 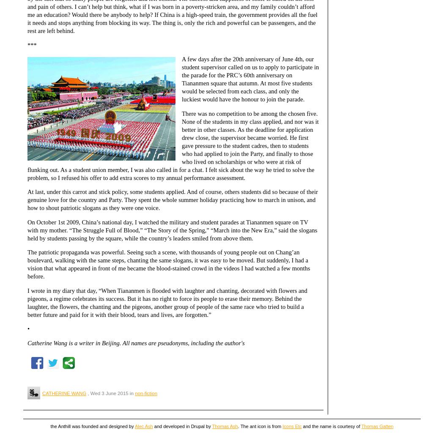 I want to click on 'There was no competition to be among the chosen five. None of the students in my class applied, and nor was it better in other classes. As the deadline for application drew close, the supervisor became worried. He first gave pressure to the student cadres, then to students who had applied to join the Party, and finally to those who lived on scholarships or who were at risk of flunking out. As a student union member, I was also called in for a chat. I felt sick about the way he tried to solve the problem, so I refused his offer to add extra scores to my annual performance assessment.', so click(x=173, y=145).